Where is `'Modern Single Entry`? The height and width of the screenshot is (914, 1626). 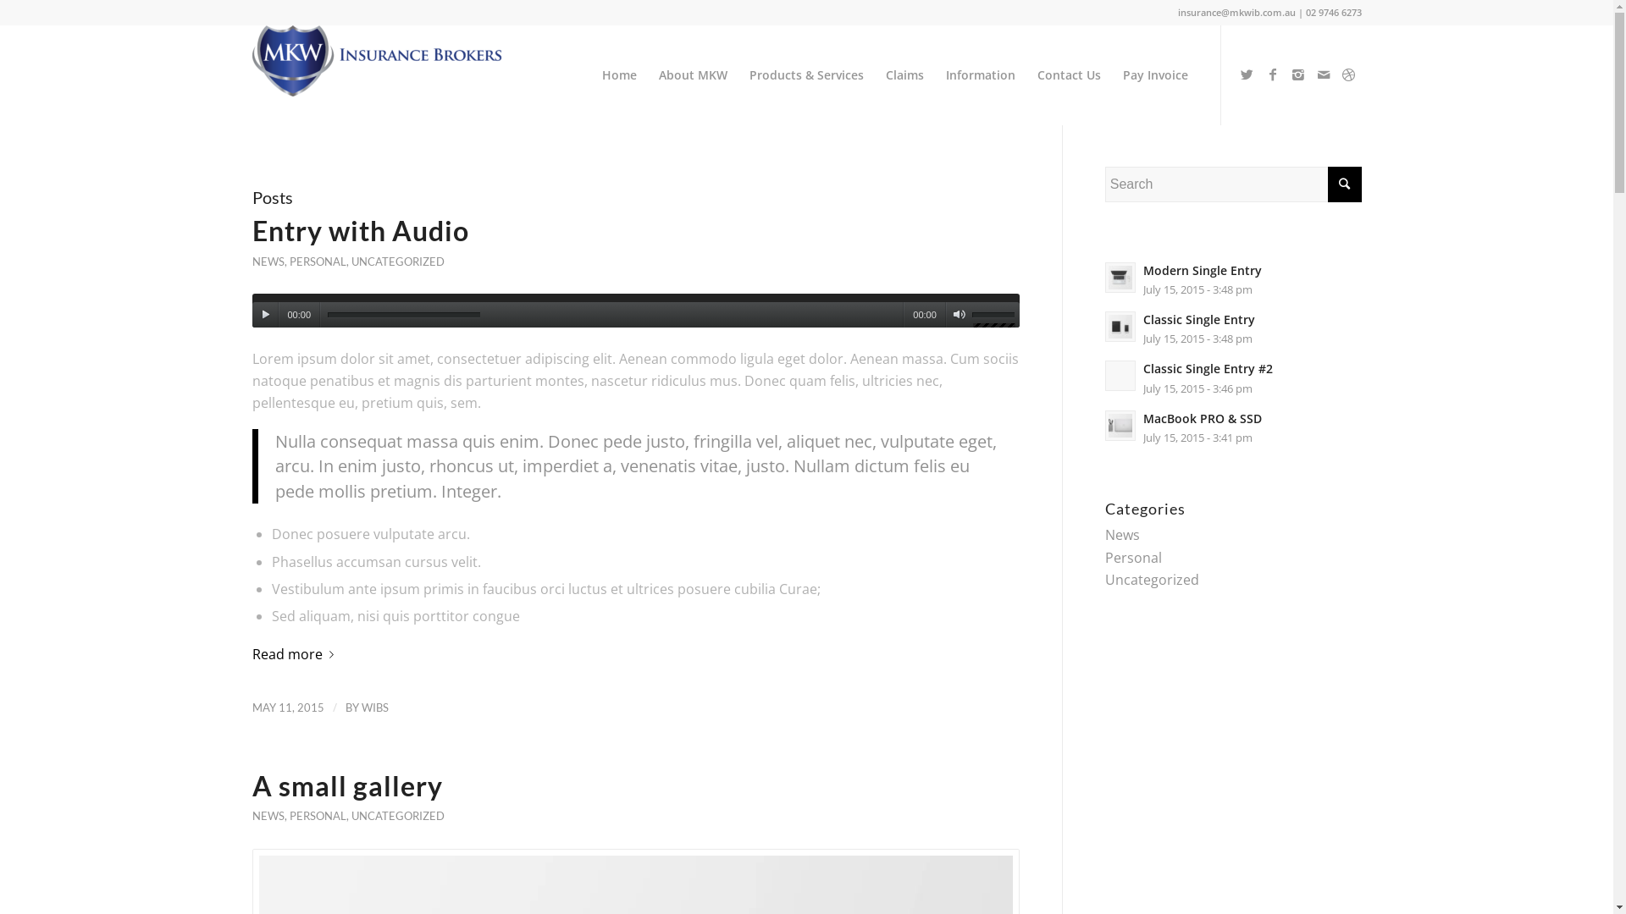
'Modern Single Entry is located at coordinates (1233, 278).